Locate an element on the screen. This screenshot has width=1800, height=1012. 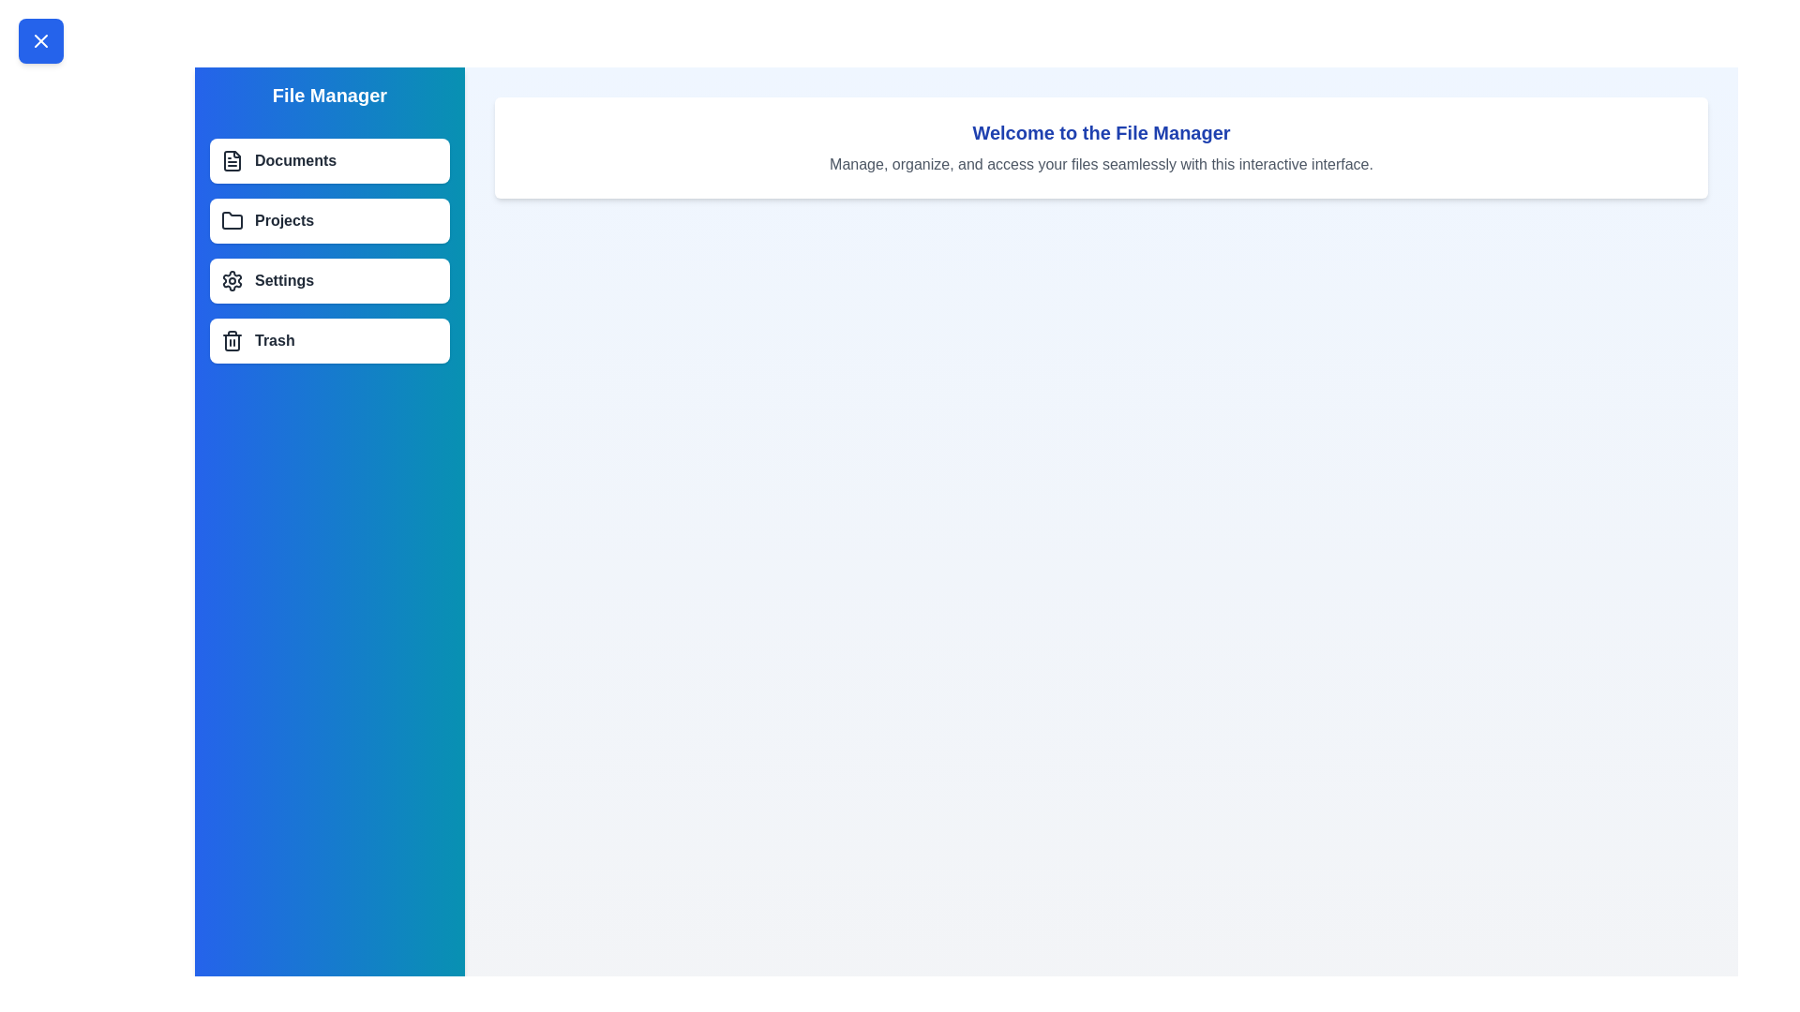
the menu item labeled Settings to select it is located at coordinates (329, 281).